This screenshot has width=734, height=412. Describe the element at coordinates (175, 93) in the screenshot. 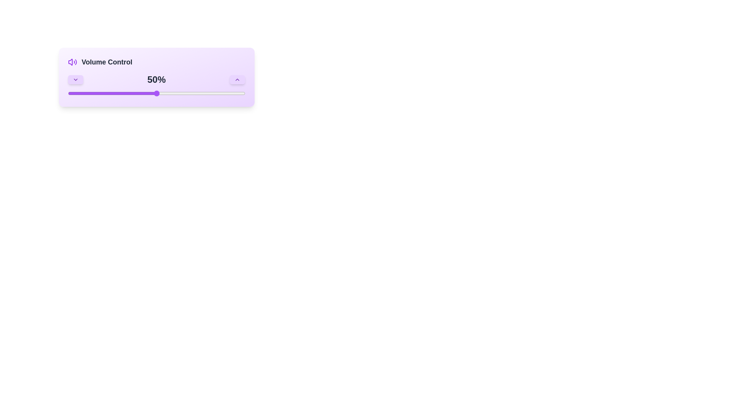

I see `the volume slider` at that location.